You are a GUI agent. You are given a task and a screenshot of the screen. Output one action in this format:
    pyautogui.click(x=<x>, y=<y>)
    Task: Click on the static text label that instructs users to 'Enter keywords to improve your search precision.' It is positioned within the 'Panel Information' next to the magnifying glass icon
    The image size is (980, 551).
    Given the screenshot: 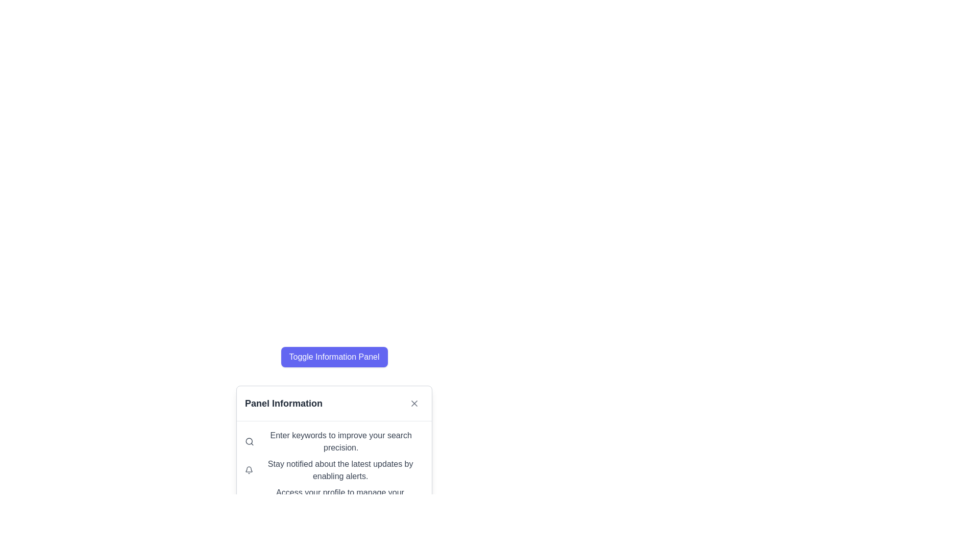 What is the action you would take?
    pyautogui.click(x=341, y=441)
    